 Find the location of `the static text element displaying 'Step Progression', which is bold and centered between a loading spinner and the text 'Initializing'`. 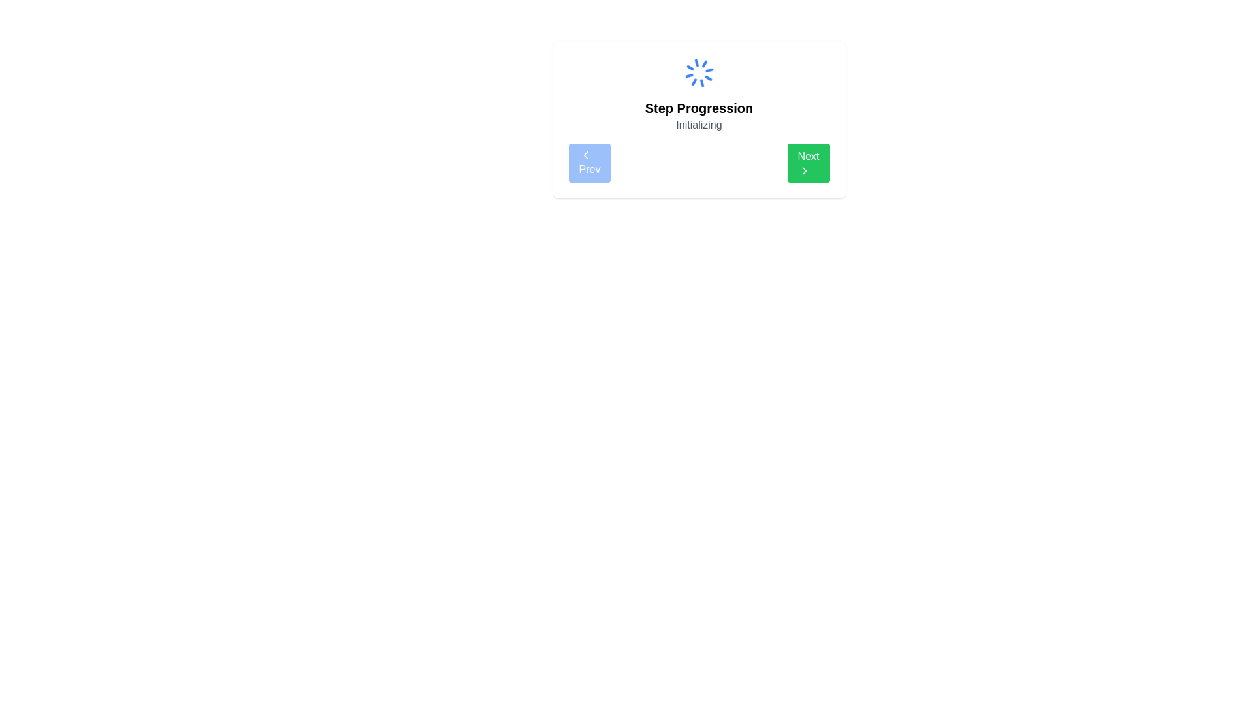

the static text element displaying 'Step Progression', which is bold and centered between a loading spinner and the text 'Initializing' is located at coordinates (698, 107).